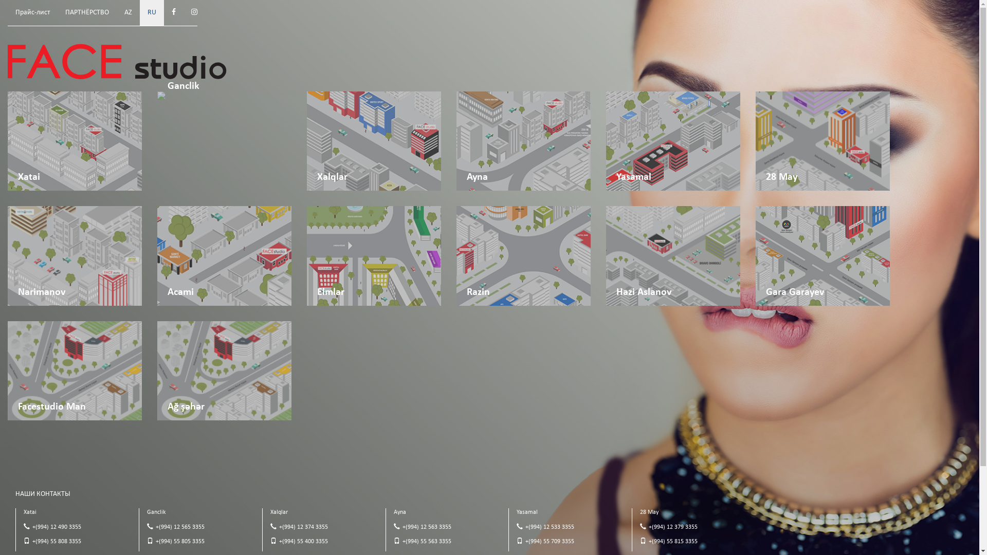  I want to click on 'RU', so click(151, 12).